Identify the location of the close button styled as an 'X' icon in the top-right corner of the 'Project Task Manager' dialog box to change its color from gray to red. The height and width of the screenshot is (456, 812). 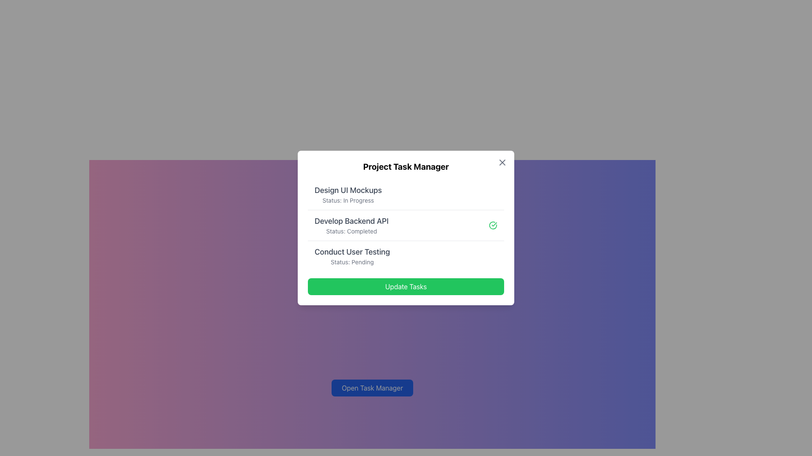
(502, 163).